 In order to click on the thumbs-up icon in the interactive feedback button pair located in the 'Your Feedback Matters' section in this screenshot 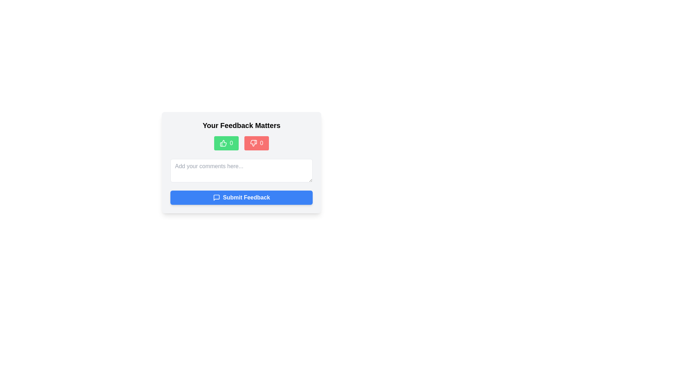, I will do `click(241, 143)`.